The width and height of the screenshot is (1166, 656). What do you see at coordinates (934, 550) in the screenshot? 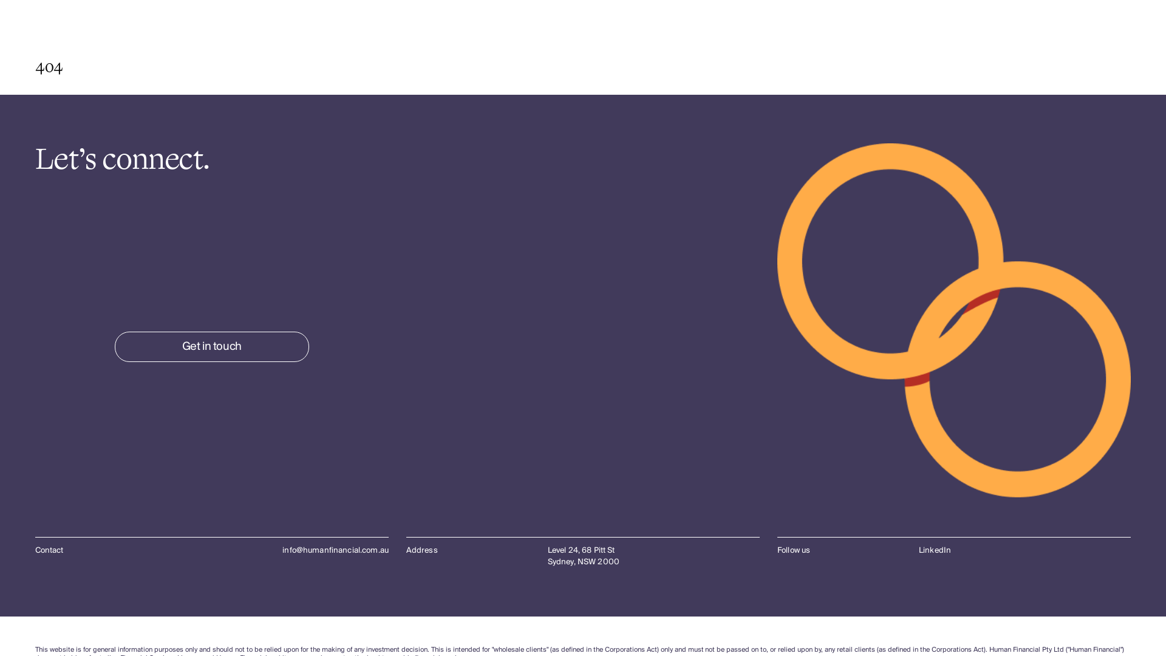
I see `'LinkedIn'` at bounding box center [934, 550].